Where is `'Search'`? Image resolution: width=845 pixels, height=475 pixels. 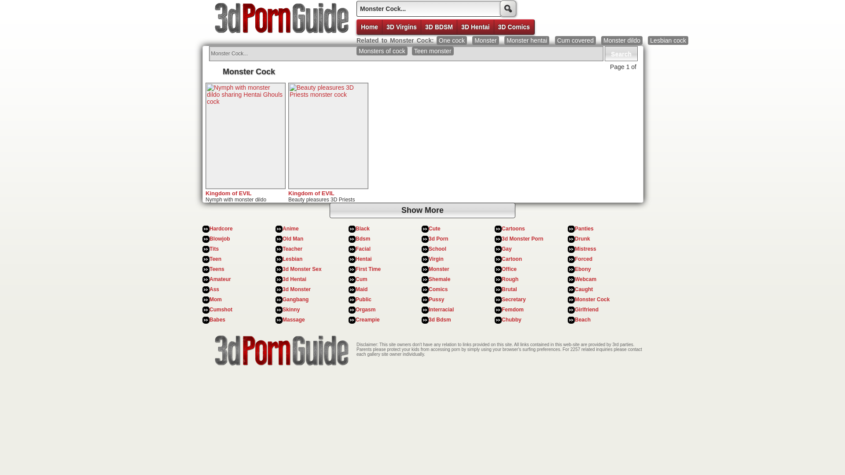
'Search' is located at coordinates (621, 54).